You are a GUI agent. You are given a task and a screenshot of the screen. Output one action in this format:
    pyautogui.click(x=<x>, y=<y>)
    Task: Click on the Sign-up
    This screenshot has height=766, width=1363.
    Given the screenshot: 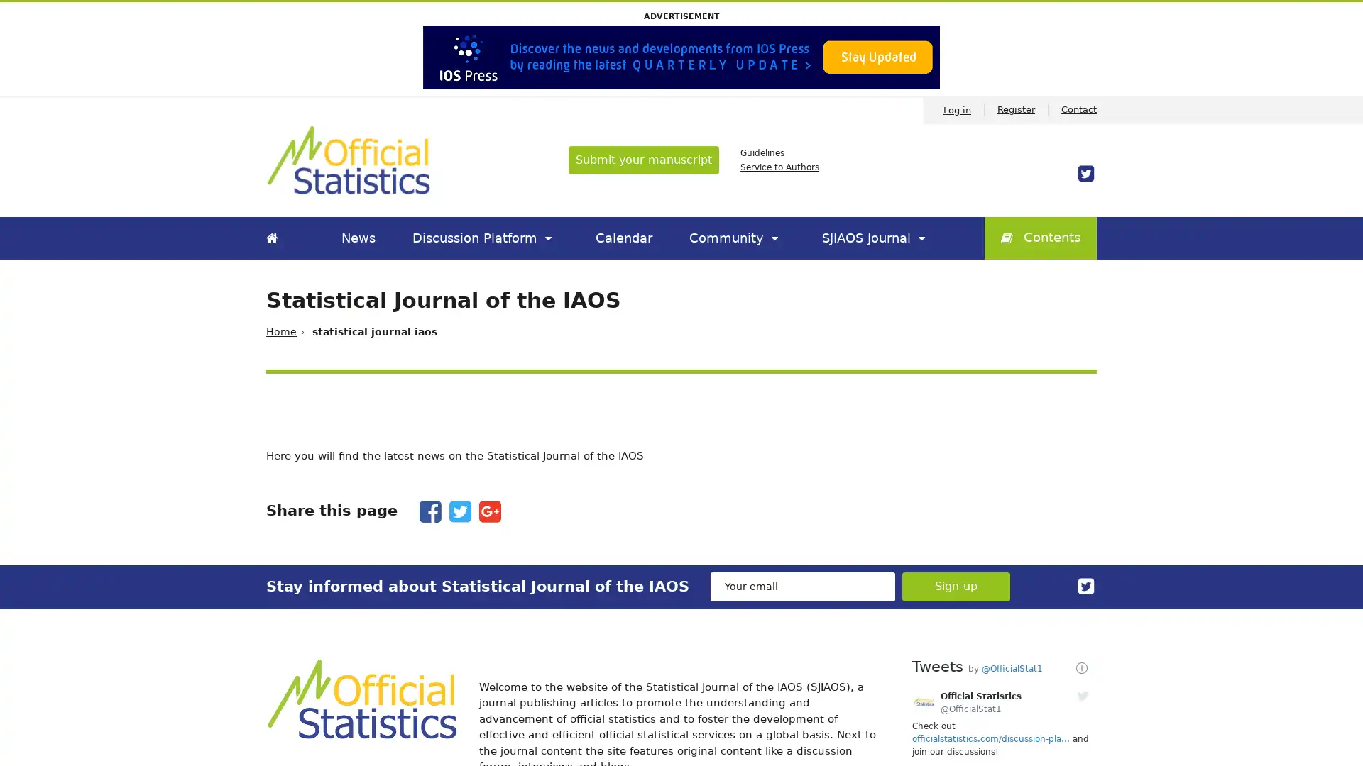 What is the action you would take?
    pyautogui.click(x=956, y=586)
    